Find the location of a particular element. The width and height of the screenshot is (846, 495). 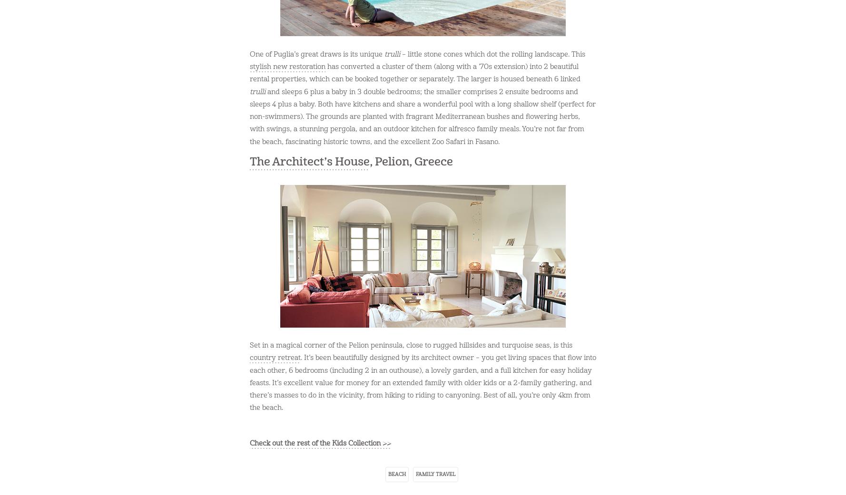

'and sleeps 6 plus a baby in 3 double bedrooms; the smaller comprises 2 ensuite bedrooms and sleeps 4 plus a baby. Both have kitchens and share a wonderful pool with a long shallow shelf (perfect for non-swimmers). The grounds are planted with fragrant Mediterranean bushes and flowering herbs, with swings, a stunning pergola, and an outdoor kitchen for alfresco family meals. You’re not far from the beach, fascinating historic towns, and the excellent Zoo Safari in Fasano.' is located at coordinates (422, 116).